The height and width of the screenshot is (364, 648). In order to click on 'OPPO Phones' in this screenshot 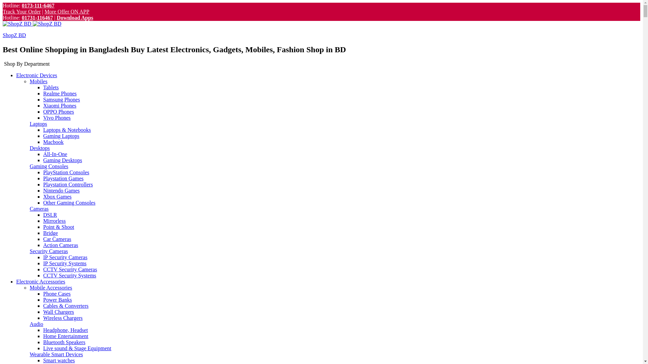, I will do `click(58, 111)`.